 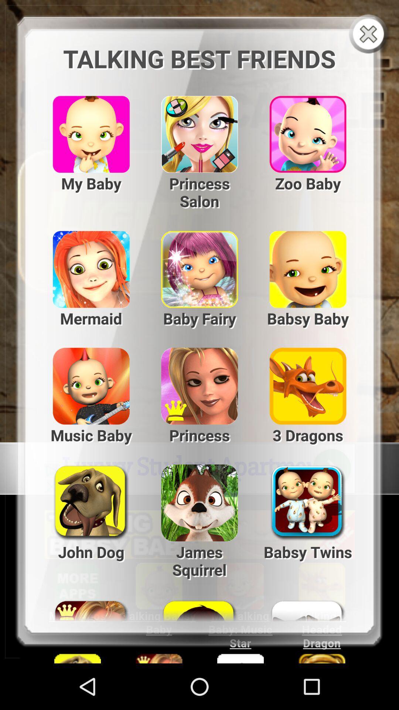 I want to click on application, so click(x=370, y=34).